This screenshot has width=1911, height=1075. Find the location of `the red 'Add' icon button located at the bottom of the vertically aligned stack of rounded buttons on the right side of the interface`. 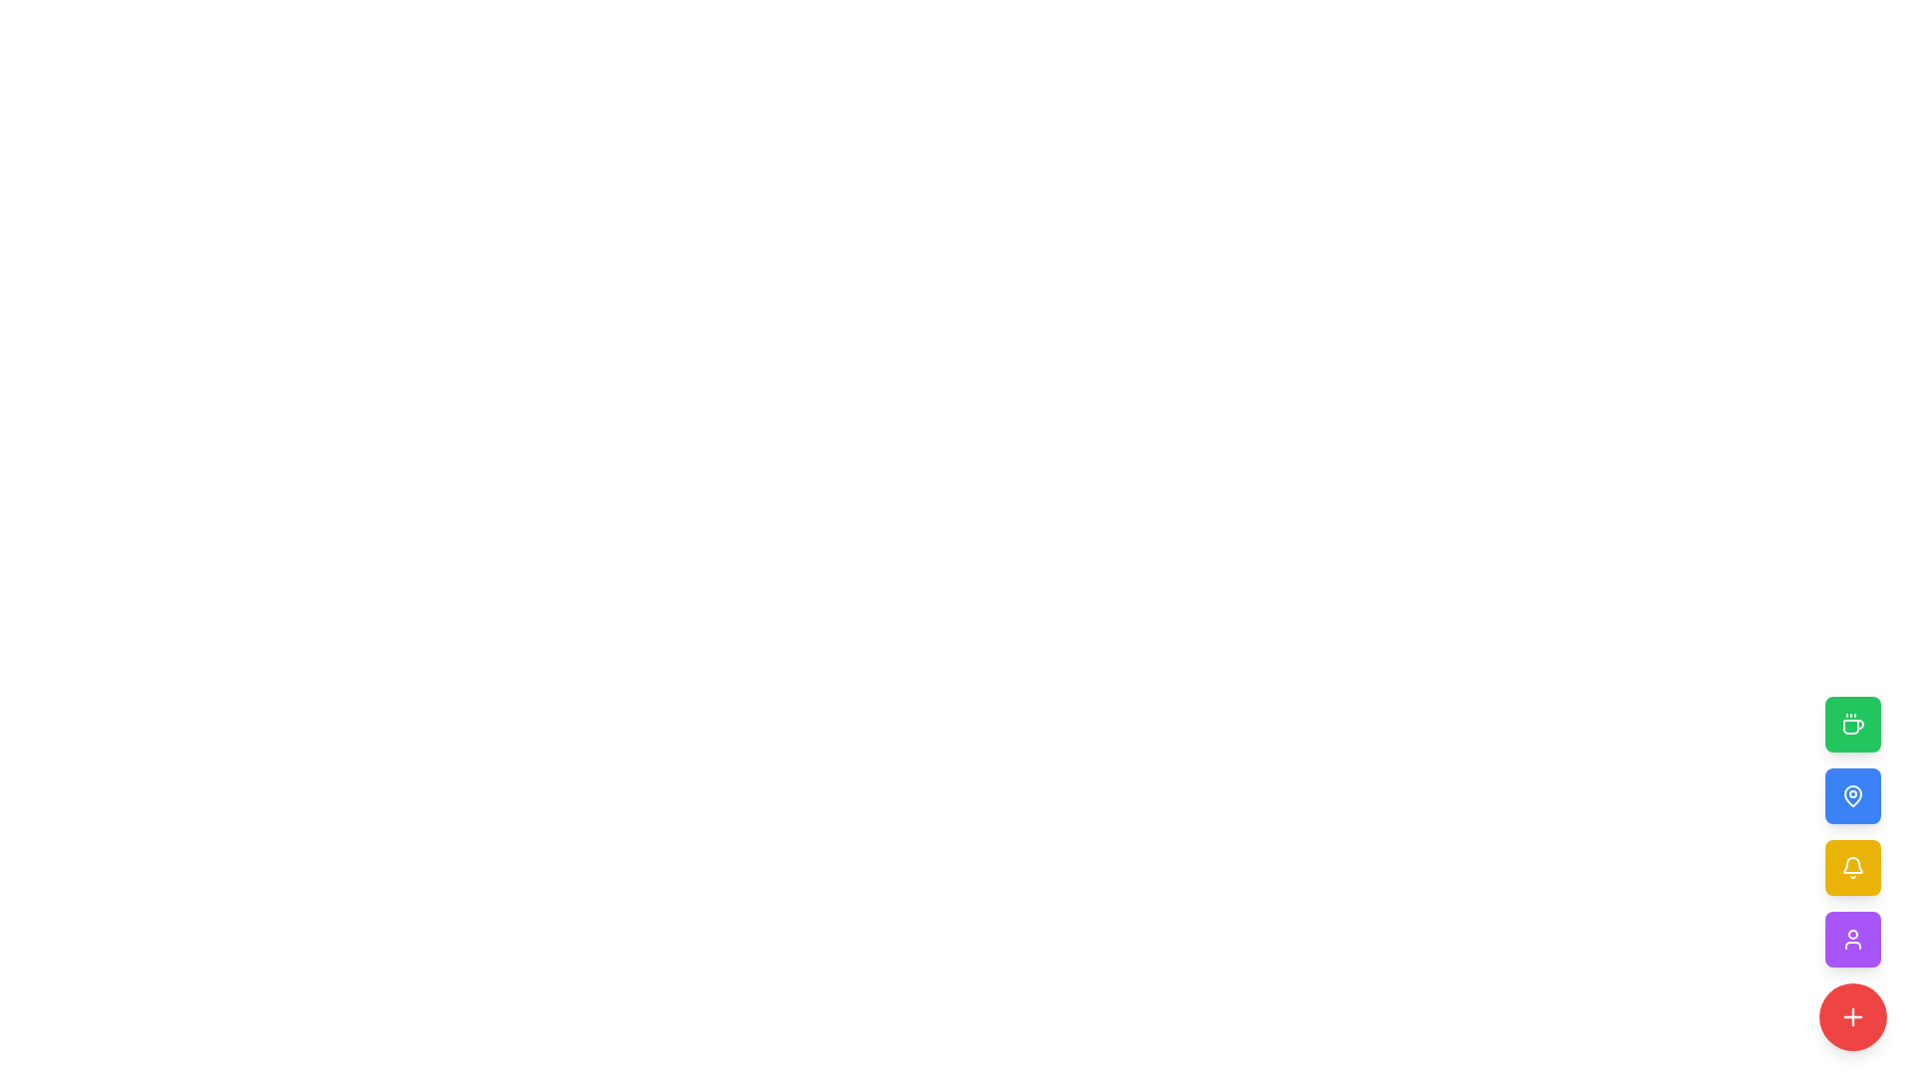

the red 'Add' icon button located at the bottom of the vertically aligned stack of rounded buttons on the right side of the interface is located at coordinates (1852, 1017).